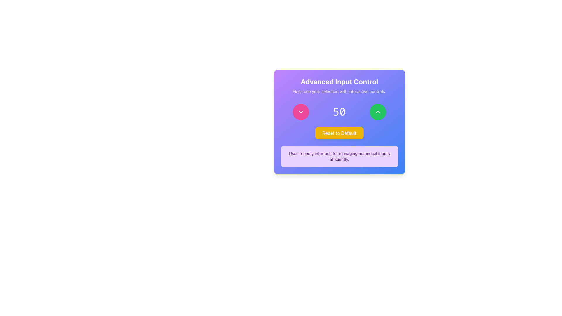 Image resolution: width=562 pixels, height=316 pixels. I want to click on text displayed in the rectangular text block with a light purple background, which contains the message 'User-friendly interface for managing numerical inputs efficiently.', so click(339, 156).